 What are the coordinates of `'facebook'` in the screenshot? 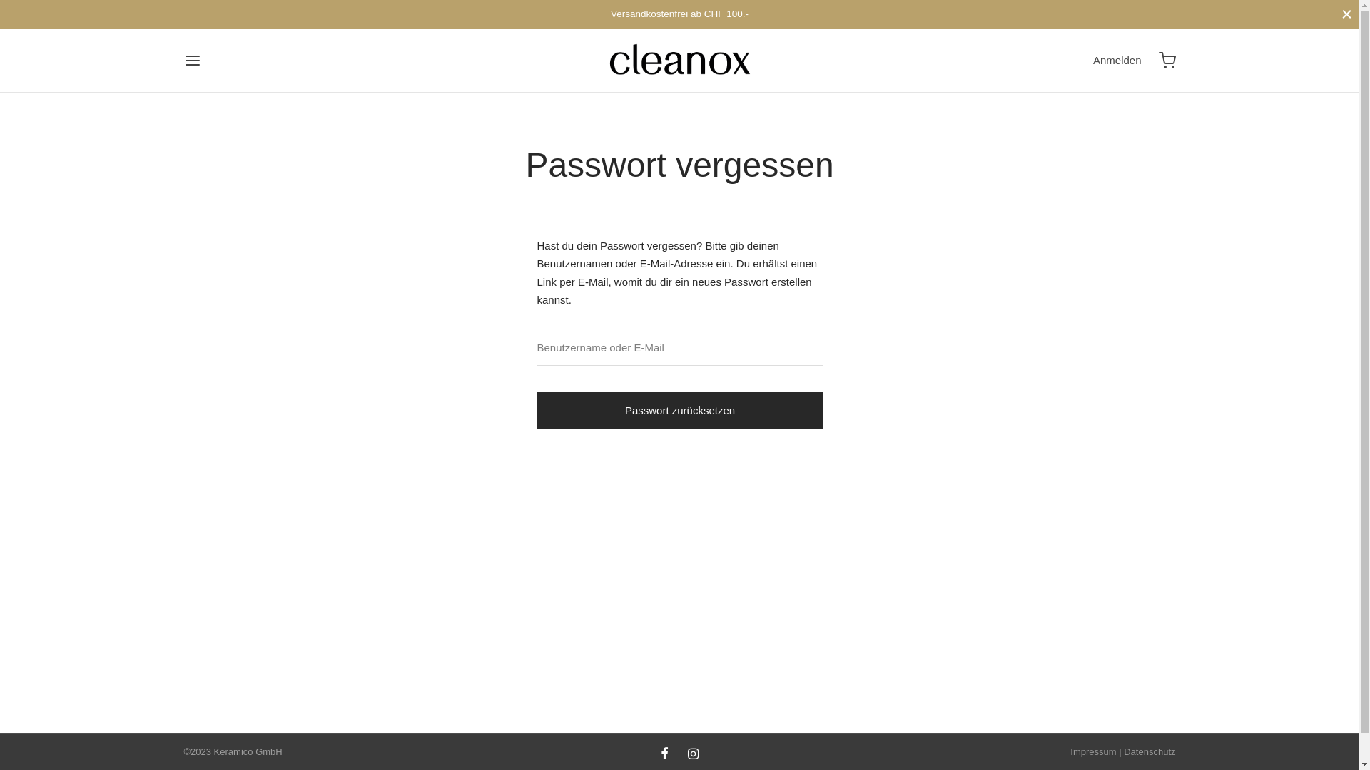 It's located at (664, 754).